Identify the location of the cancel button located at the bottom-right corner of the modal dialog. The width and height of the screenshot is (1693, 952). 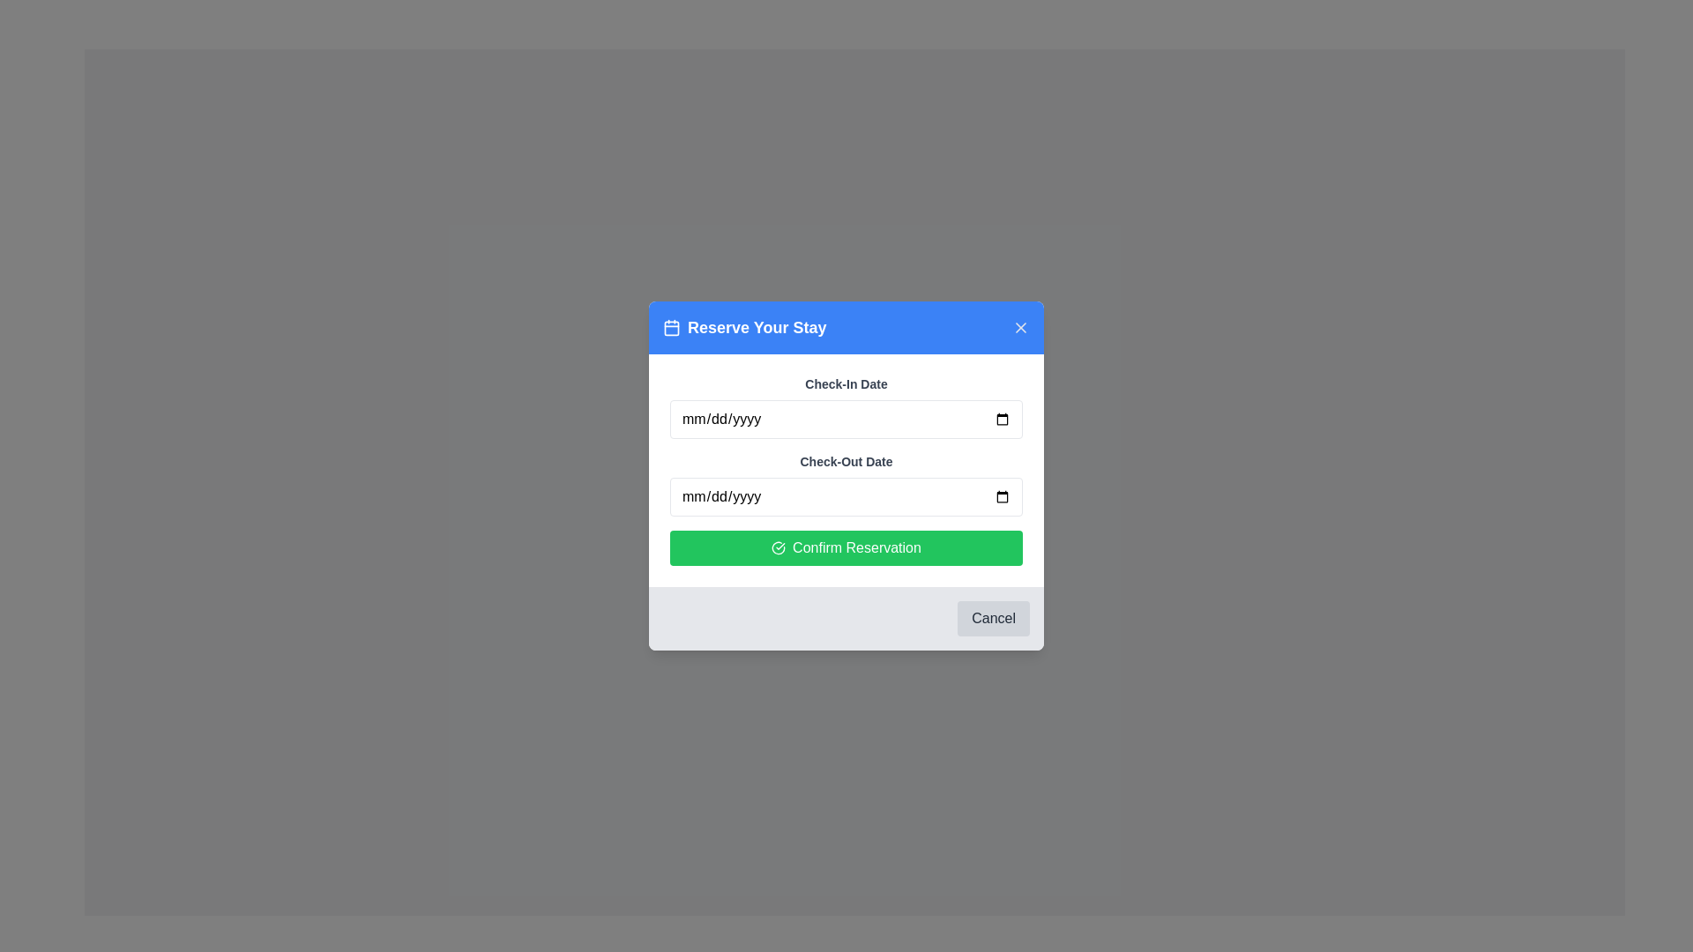
(994, 618).